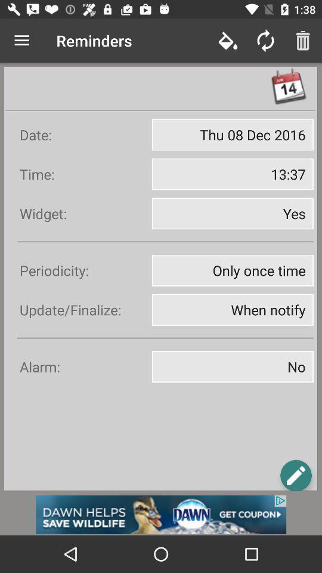 The width and height of the screenshot is (322, 573). Describe the element at coordinates (295, 475) in the screenshot. I see `search pega` at that location.